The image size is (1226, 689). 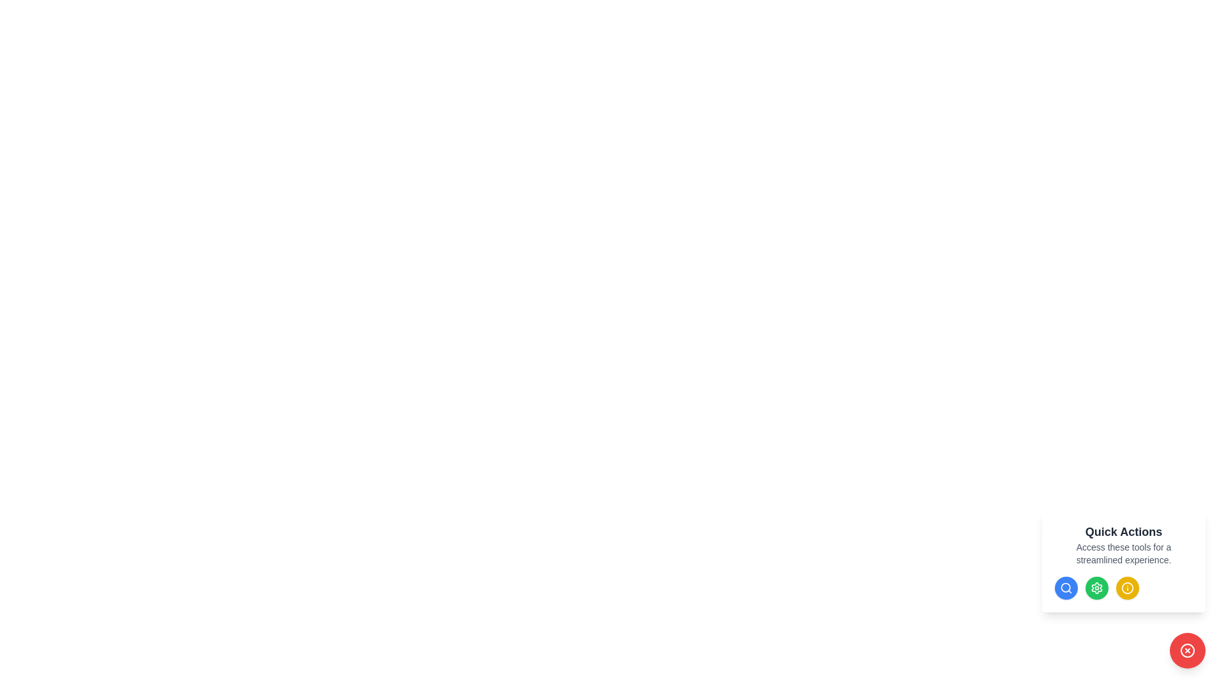 I want to click on the heading text that introduces the 'Quick Actions' feature, located at the top of the card section, so click(x=1124, y=531).